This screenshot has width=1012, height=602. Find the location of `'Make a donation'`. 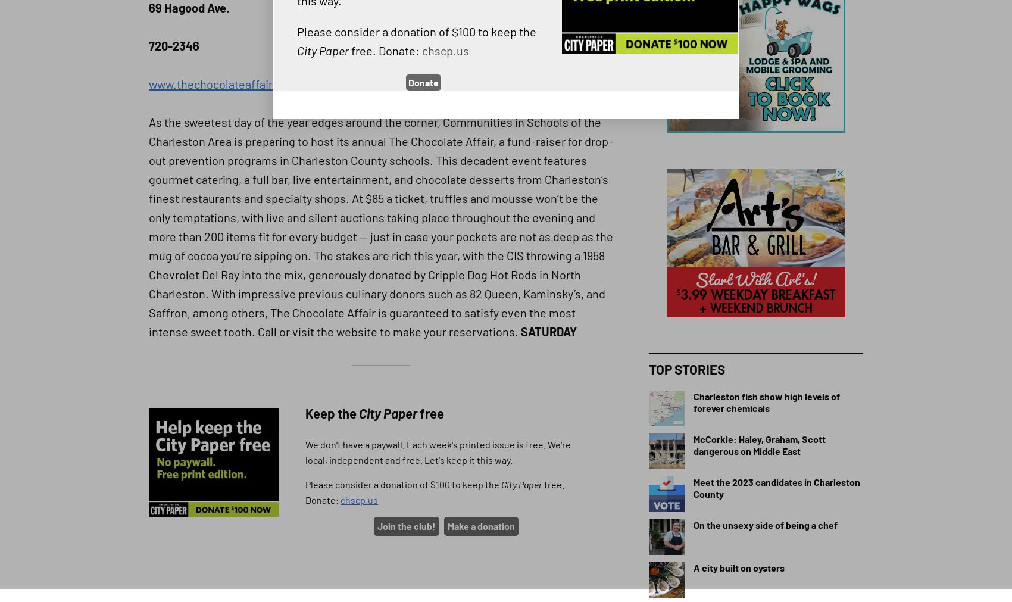

'Make a donation' is located at coordinates (480, 526).